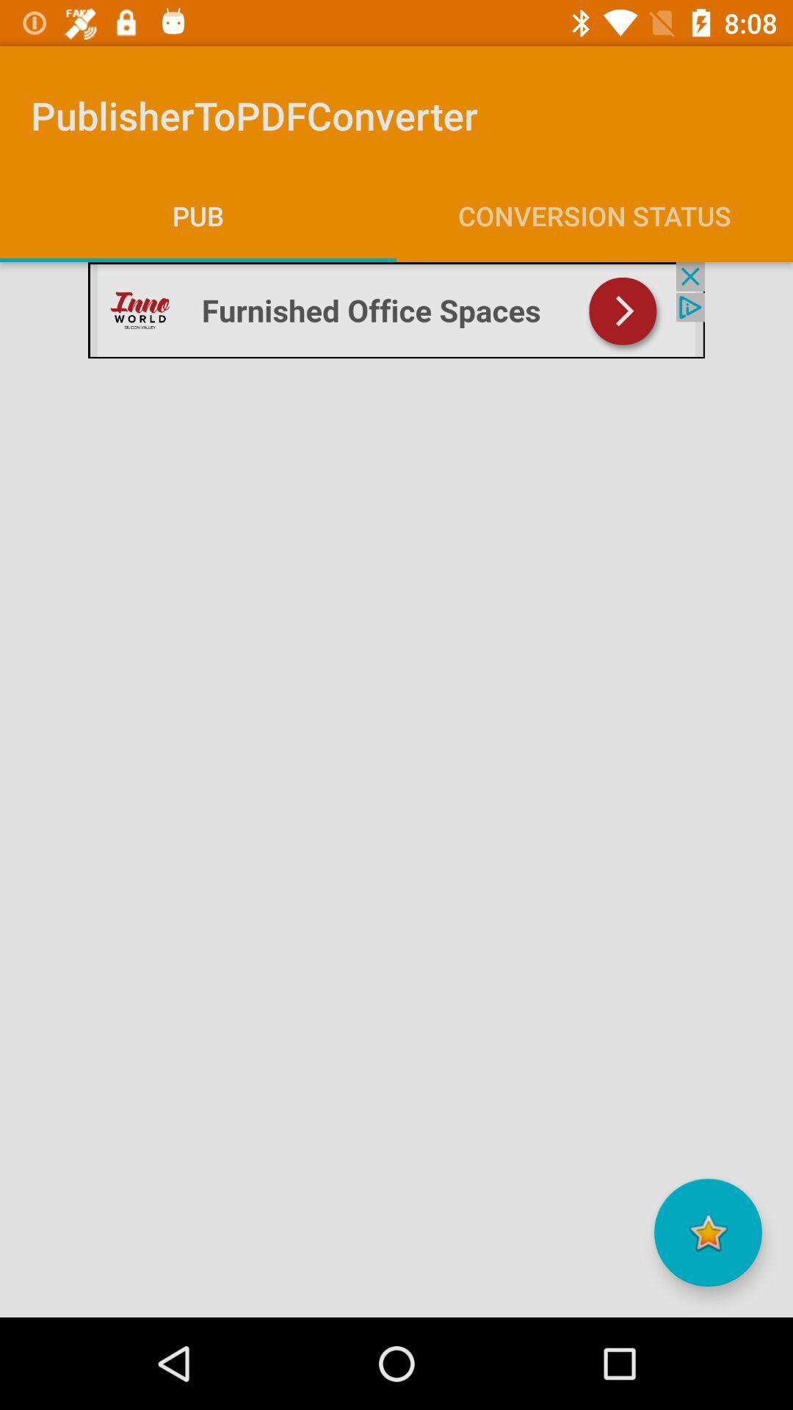 Image resolution: width=793 pixels, height=1410 pixels. I want to click on the star icon, so click(707, 1232).